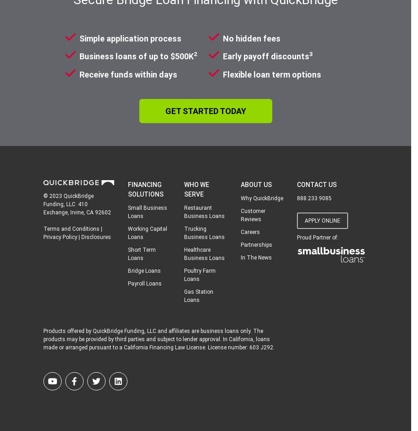  Describe the element at coordinates (147, 232) in the screenshot. I see `'Working Capital Loans'` at that location.